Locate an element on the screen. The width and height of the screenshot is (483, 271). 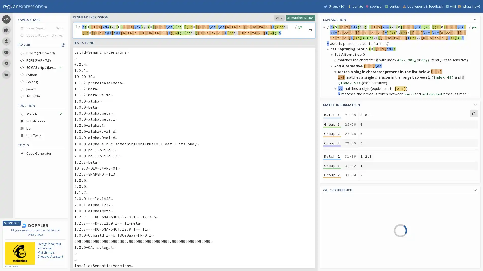
A single character of: a, b or c [abc] is located at coordinates (425, 198).